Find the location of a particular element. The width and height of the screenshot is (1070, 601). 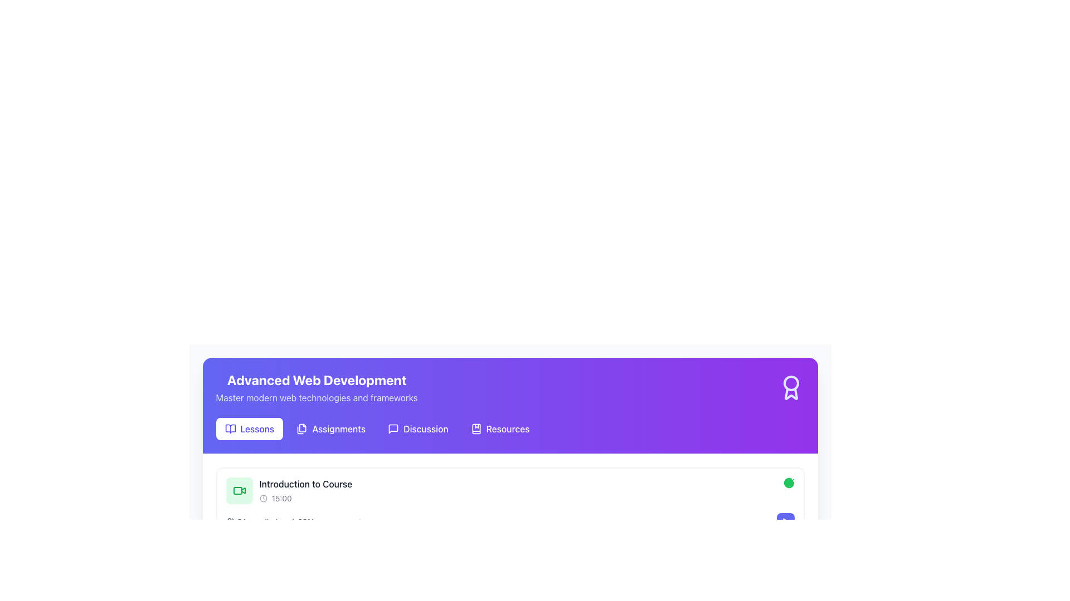

the 'Assignments' button, which is a rectangular button with a purple background and white text, located in the navigation row under 'Advanced Web Development' is located at coordinates (330, 428).